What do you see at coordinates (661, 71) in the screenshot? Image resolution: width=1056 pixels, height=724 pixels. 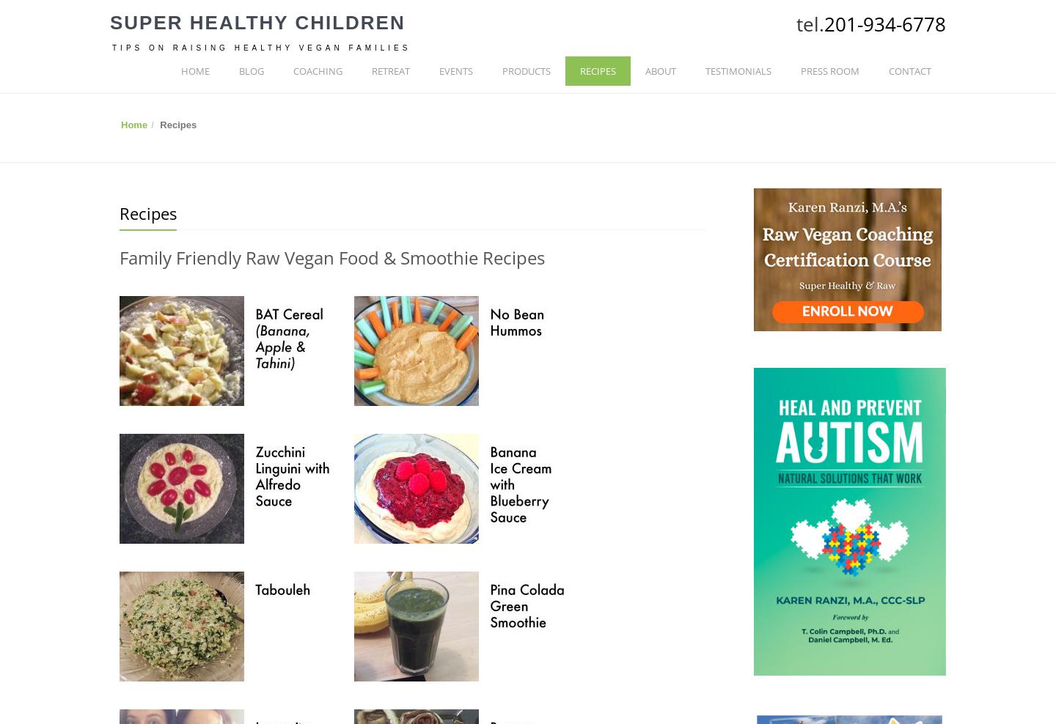 I see `'ABOUT'` at bounding box center [661, 71].